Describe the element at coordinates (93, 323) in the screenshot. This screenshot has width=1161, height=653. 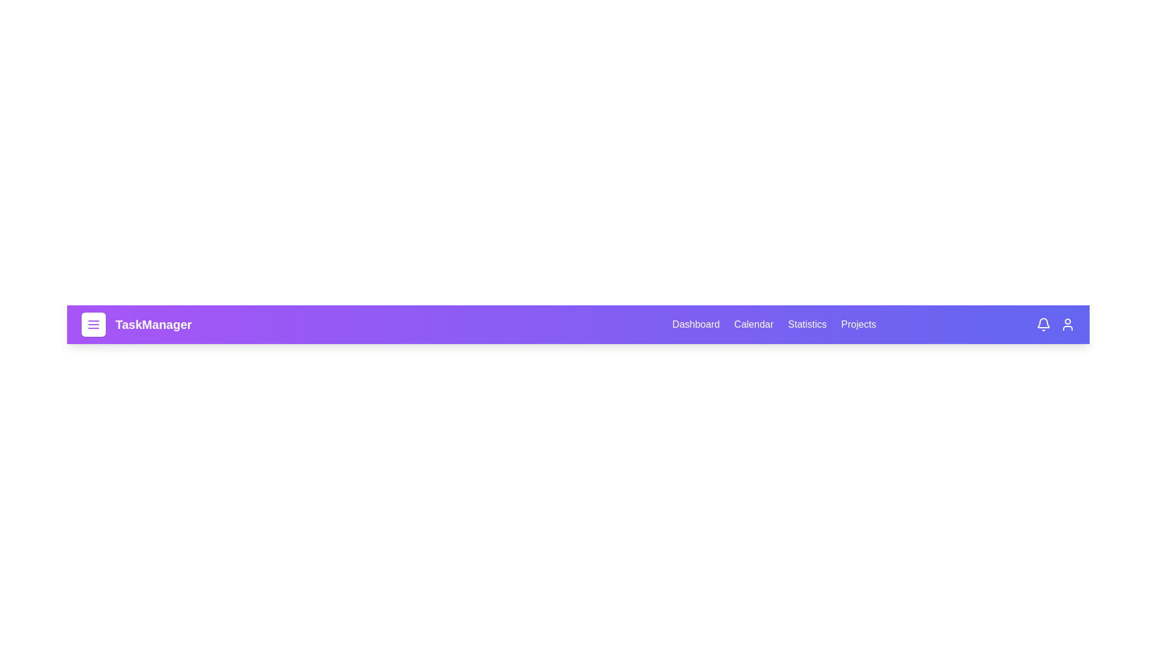
I see `menu button to open the navigation menu` at that location.